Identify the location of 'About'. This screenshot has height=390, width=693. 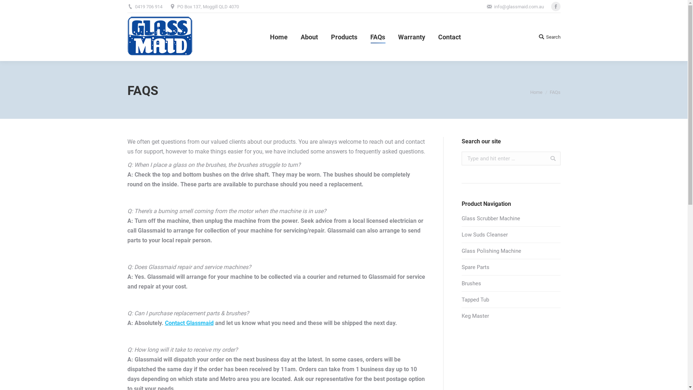
(309, 37).